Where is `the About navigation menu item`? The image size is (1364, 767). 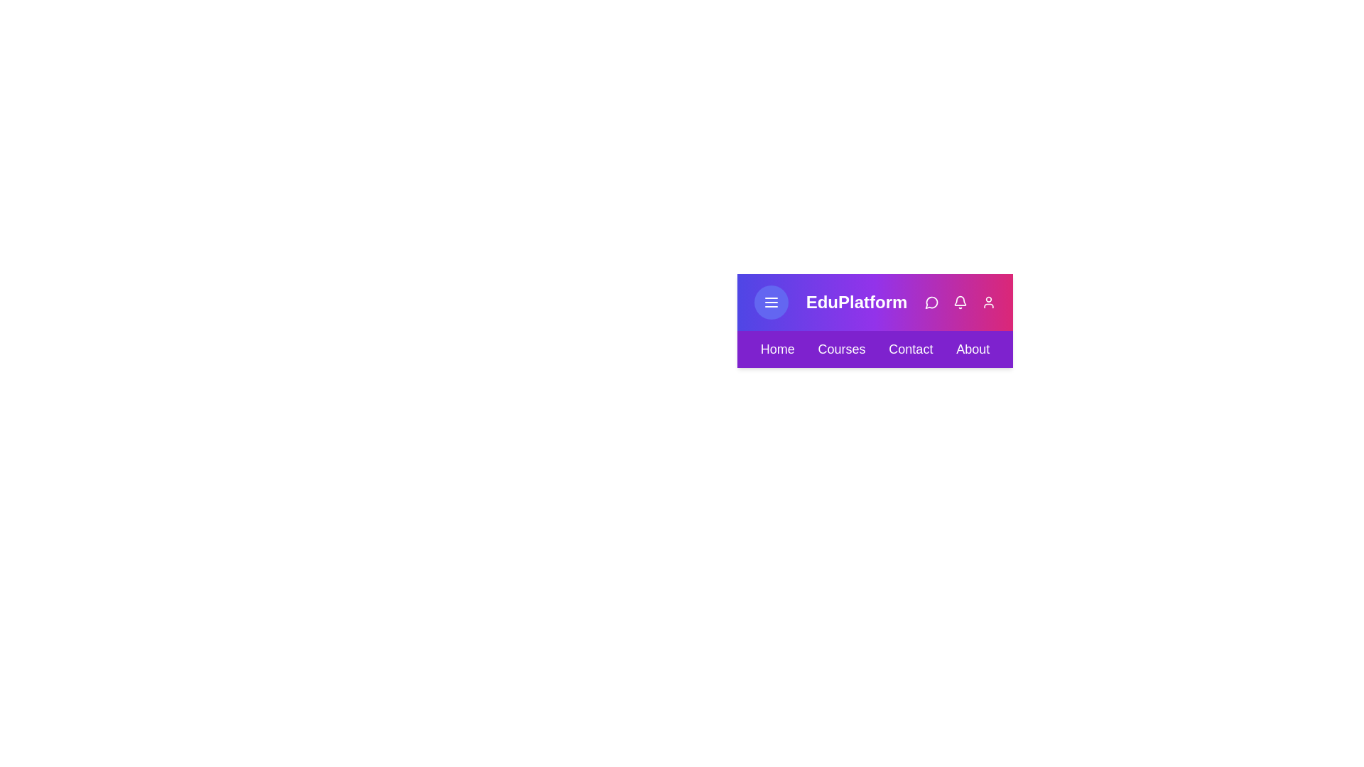 the About navigation menu item is located at coordinates (972, 349).